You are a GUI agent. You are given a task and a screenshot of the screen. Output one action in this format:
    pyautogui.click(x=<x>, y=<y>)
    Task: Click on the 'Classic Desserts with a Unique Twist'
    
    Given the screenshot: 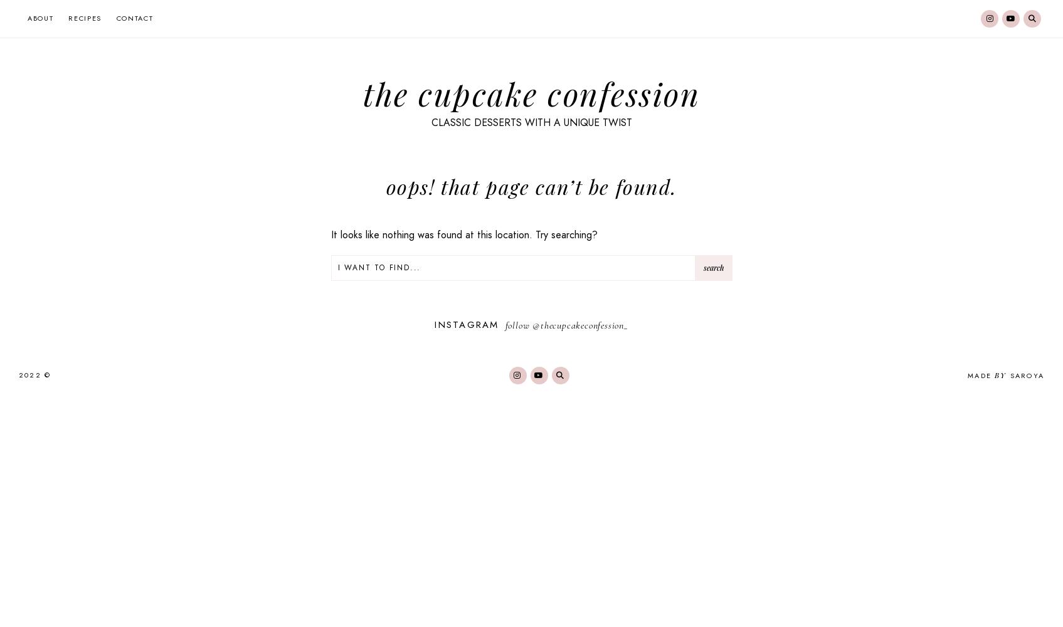 What is the action you would take?
    pyautogui.click(x=430, y=121)
    